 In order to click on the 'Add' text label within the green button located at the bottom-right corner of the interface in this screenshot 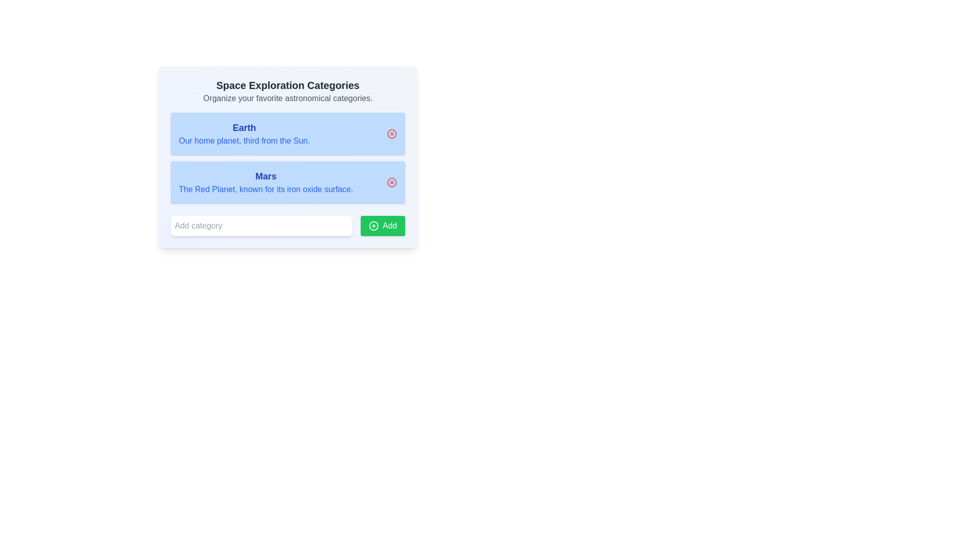, I will do `click(389, 225)`.